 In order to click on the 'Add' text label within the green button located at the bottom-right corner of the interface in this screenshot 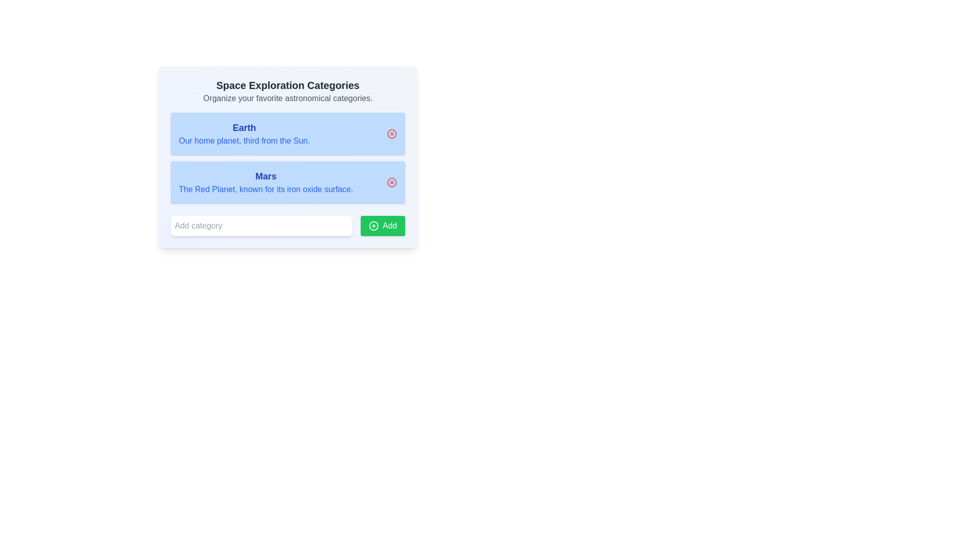, I will do `click(389, 225)`.